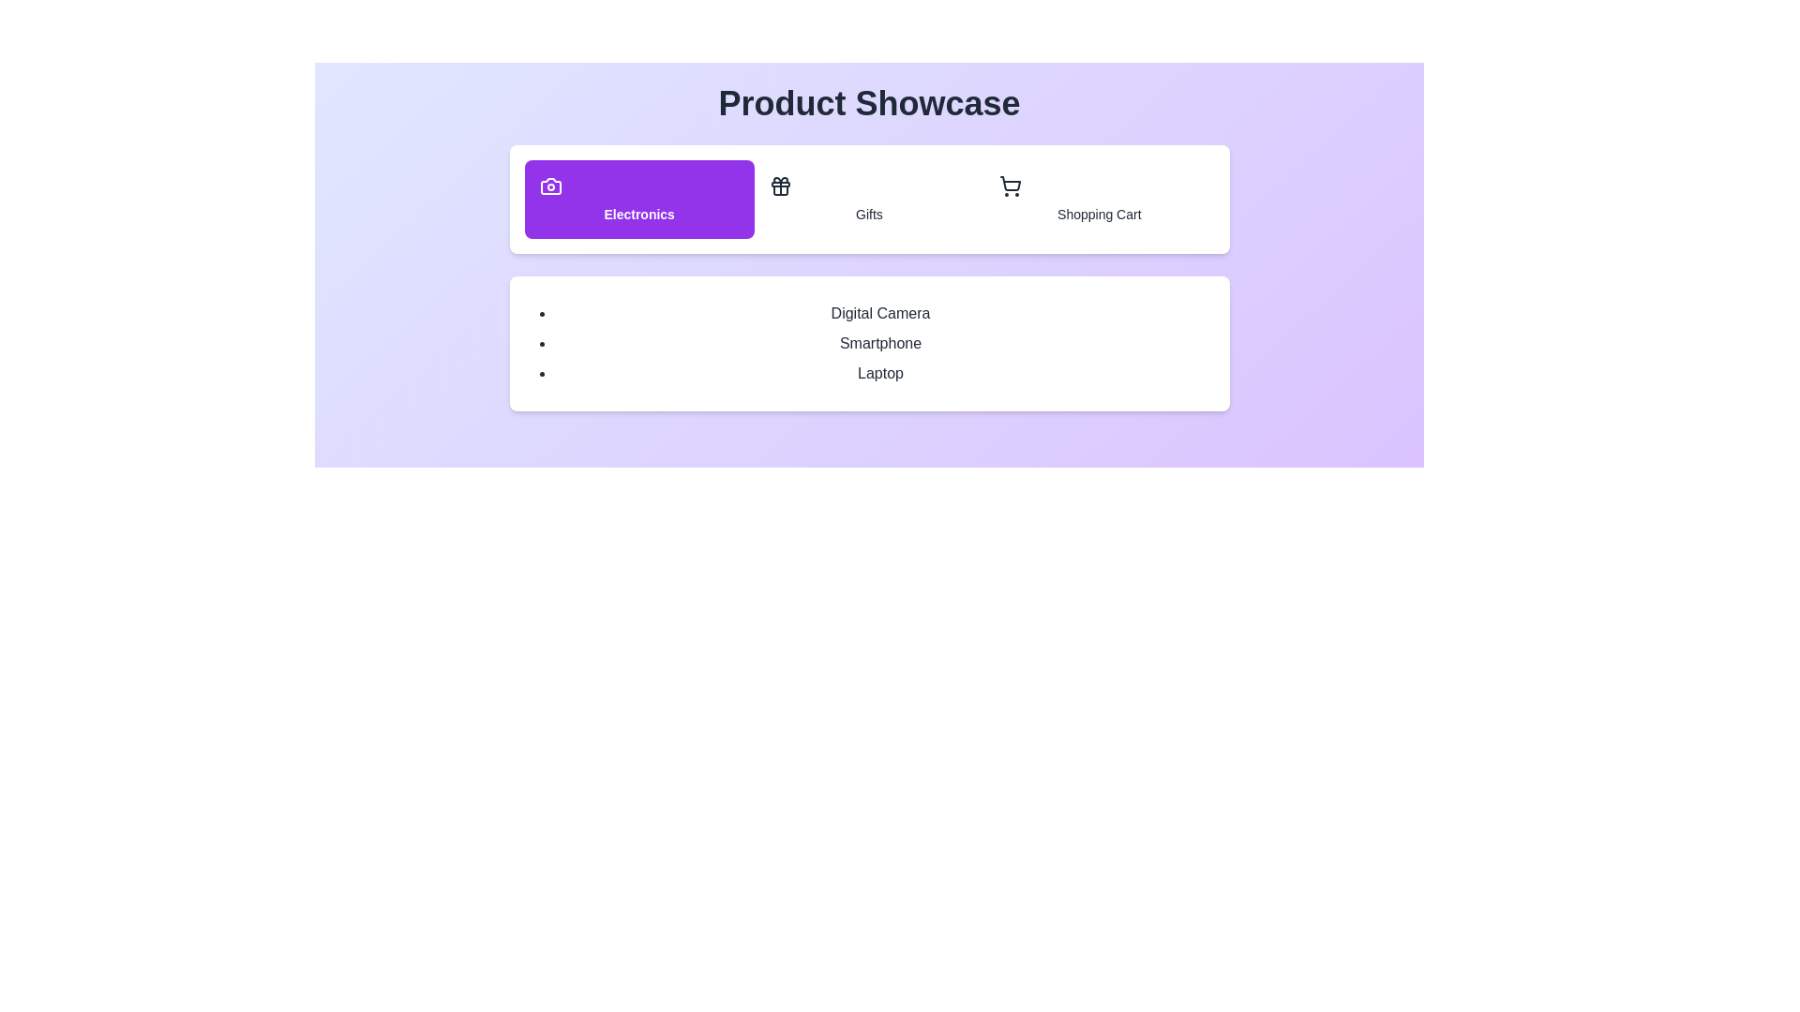 The height and width of the screenshot is (1012, 1800). What do you see at coordinates (1010, 186) in the screenshot?
I see `the shopping cart icon, which is part of the category button group` at bounding box center [1010, 186].